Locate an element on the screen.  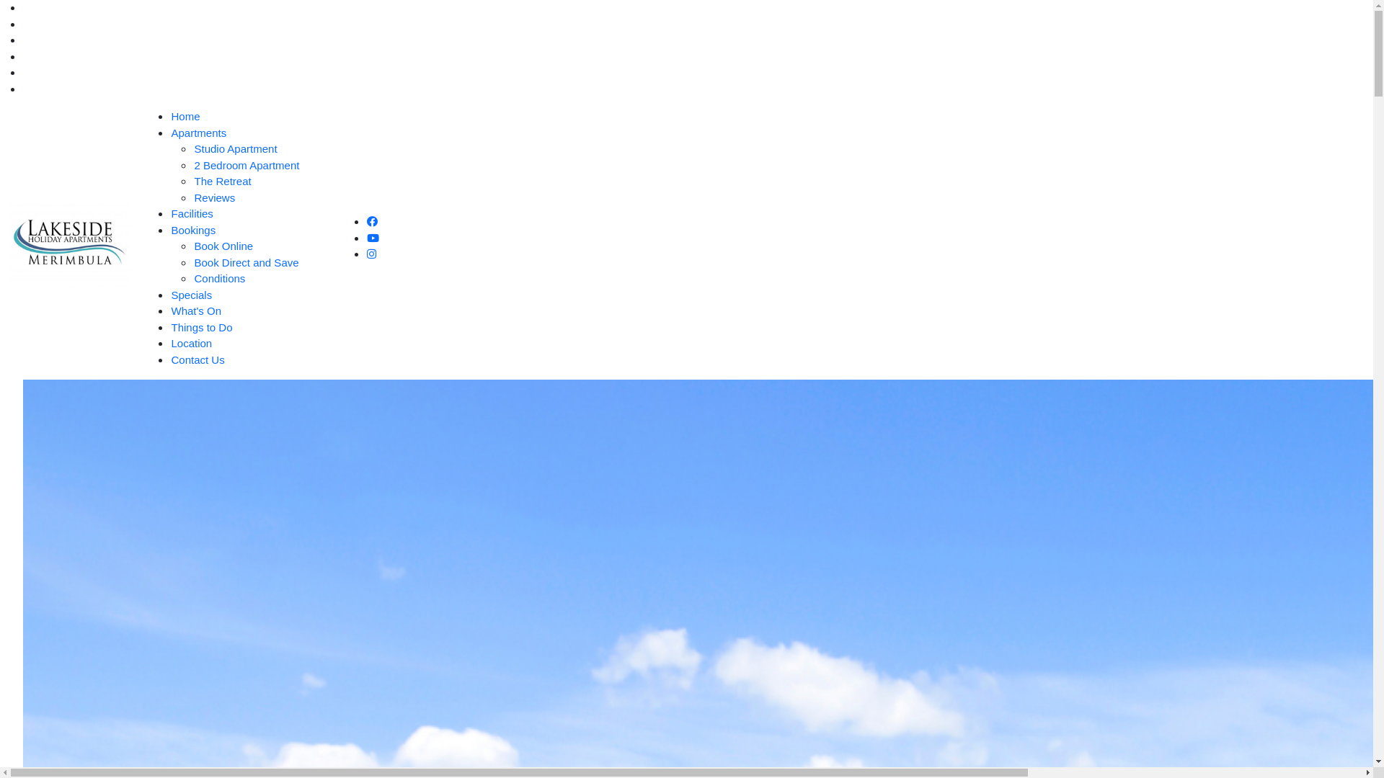
'Specials' is located at coordinates (190, 293).